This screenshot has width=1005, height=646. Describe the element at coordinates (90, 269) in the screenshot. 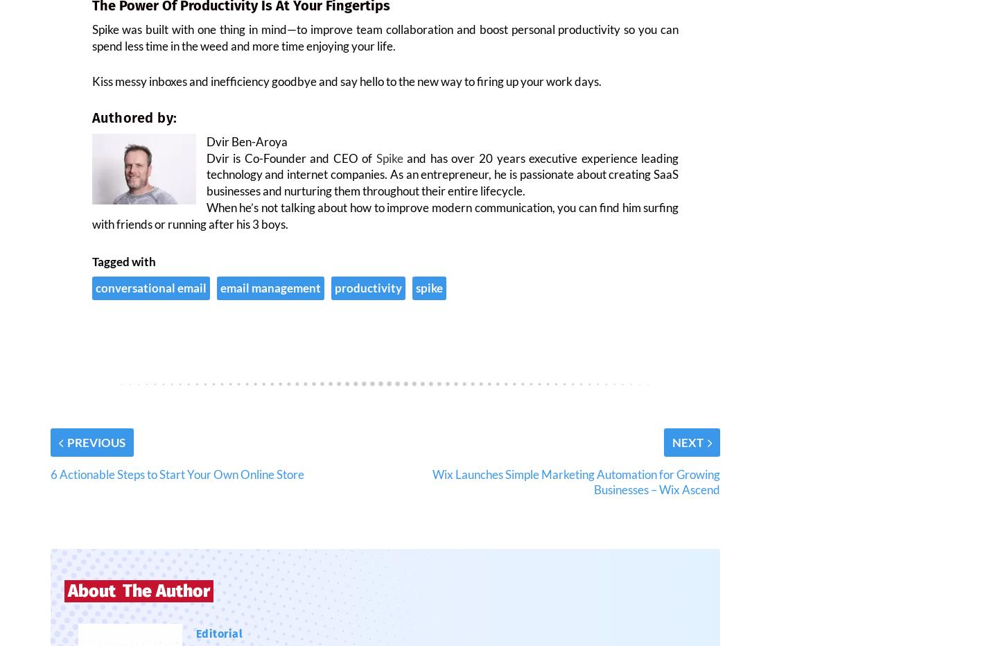

I see `'Tagged with'` at that location.